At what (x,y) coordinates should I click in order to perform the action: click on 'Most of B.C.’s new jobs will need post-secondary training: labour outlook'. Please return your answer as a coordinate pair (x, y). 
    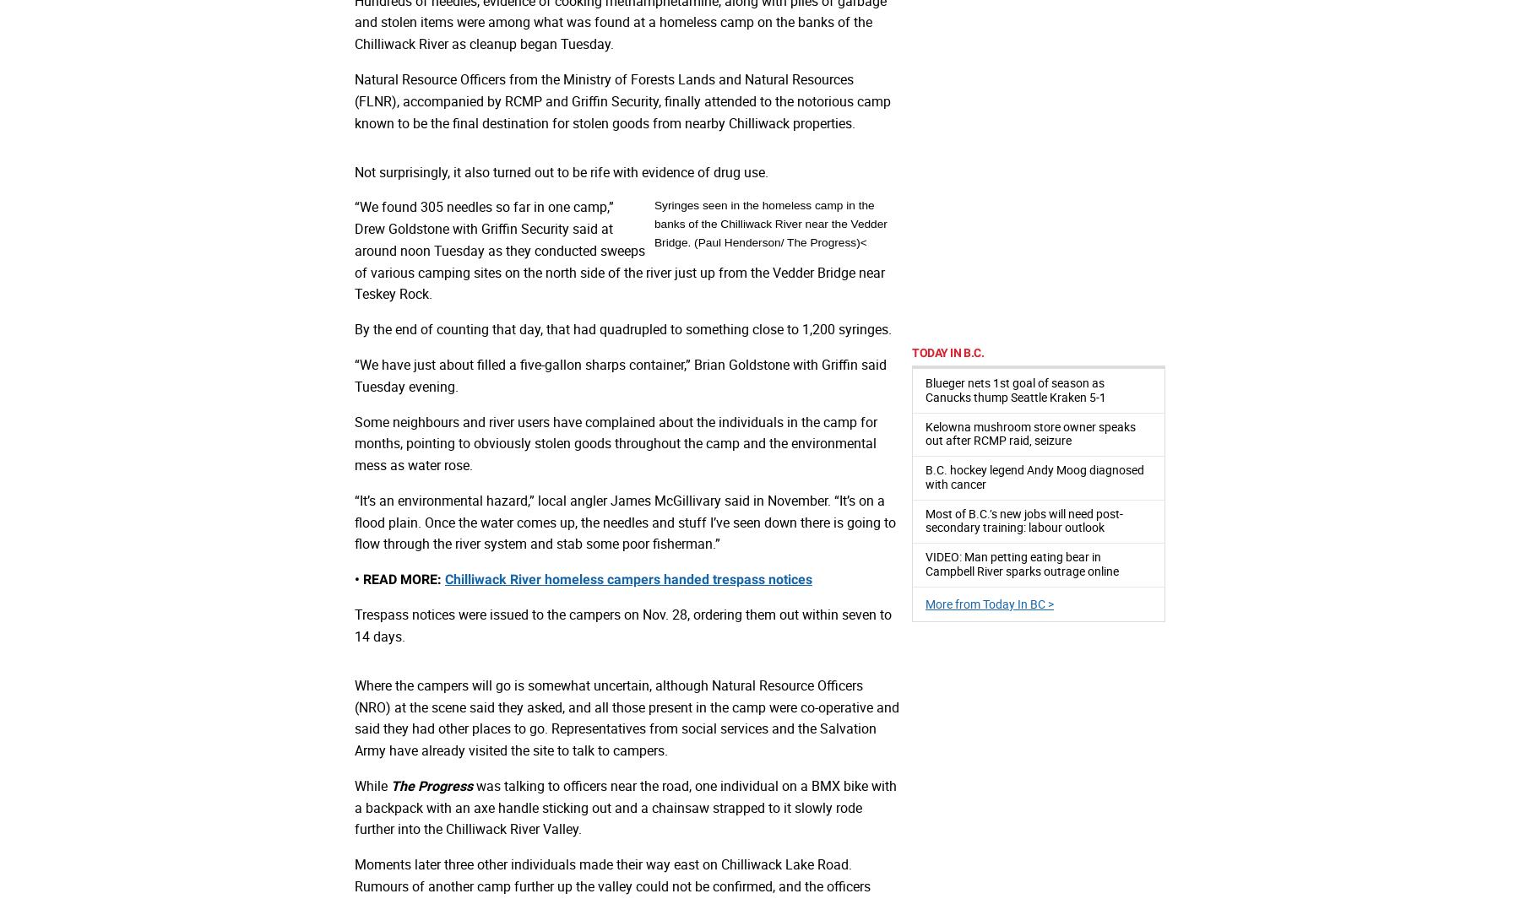
    Looking at the image, I should click on (926, 519).